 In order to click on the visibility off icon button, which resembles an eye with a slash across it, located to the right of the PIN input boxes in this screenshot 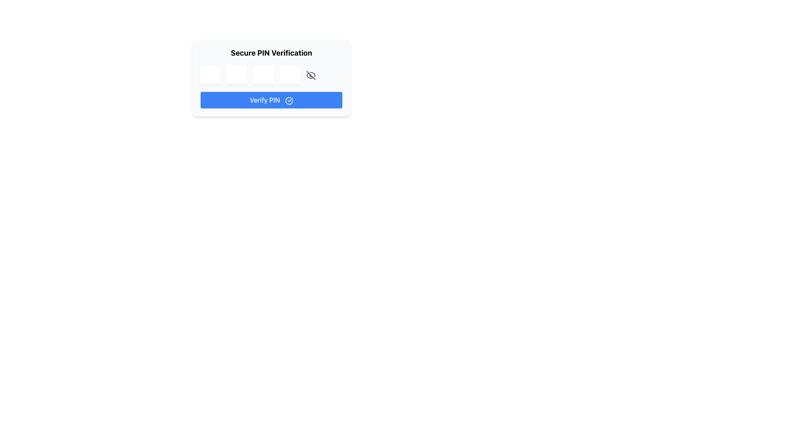, I will do `click(310, 75)`.